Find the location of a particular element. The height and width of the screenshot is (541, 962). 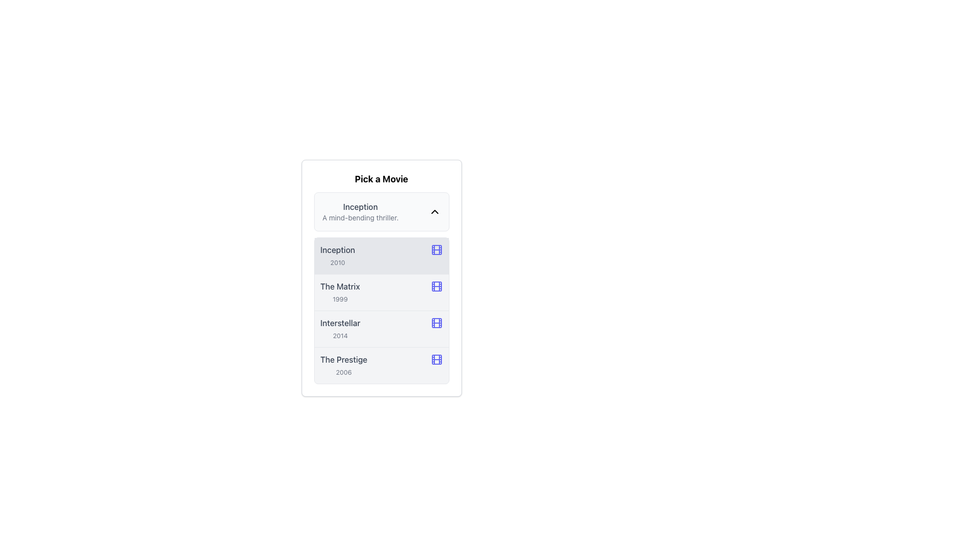

the media type icon for 'The Prestige' movie, which is the fourth icon in the list is located at coordinates (436, 359).